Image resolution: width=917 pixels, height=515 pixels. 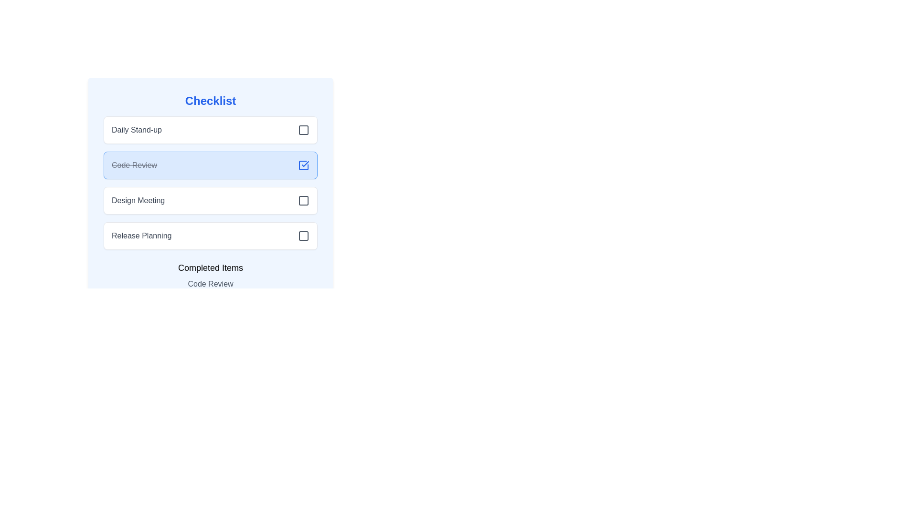 I want to click on the blue checkmark icon in the 'Code Review' checklist item, indicating a completed task, so click(x=303, y=165).